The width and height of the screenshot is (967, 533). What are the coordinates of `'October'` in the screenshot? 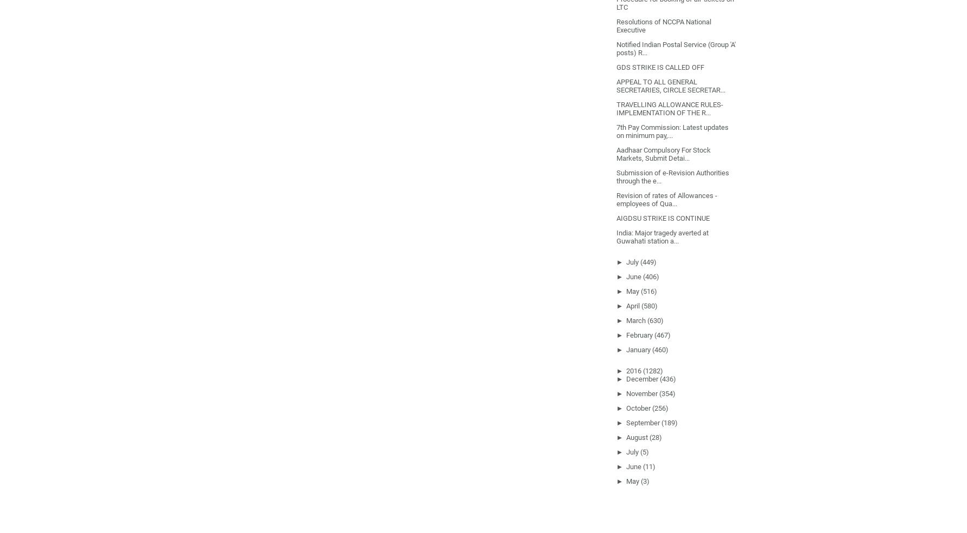 It's located at (638, 407).